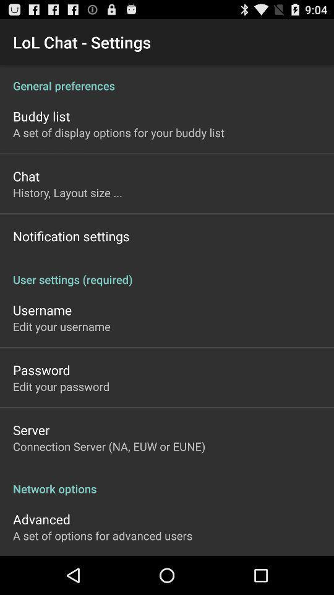  What do you see at coordinates (167, 482) in the screenshot?
I see `item above the advanced` at bounding box center [167, 482].